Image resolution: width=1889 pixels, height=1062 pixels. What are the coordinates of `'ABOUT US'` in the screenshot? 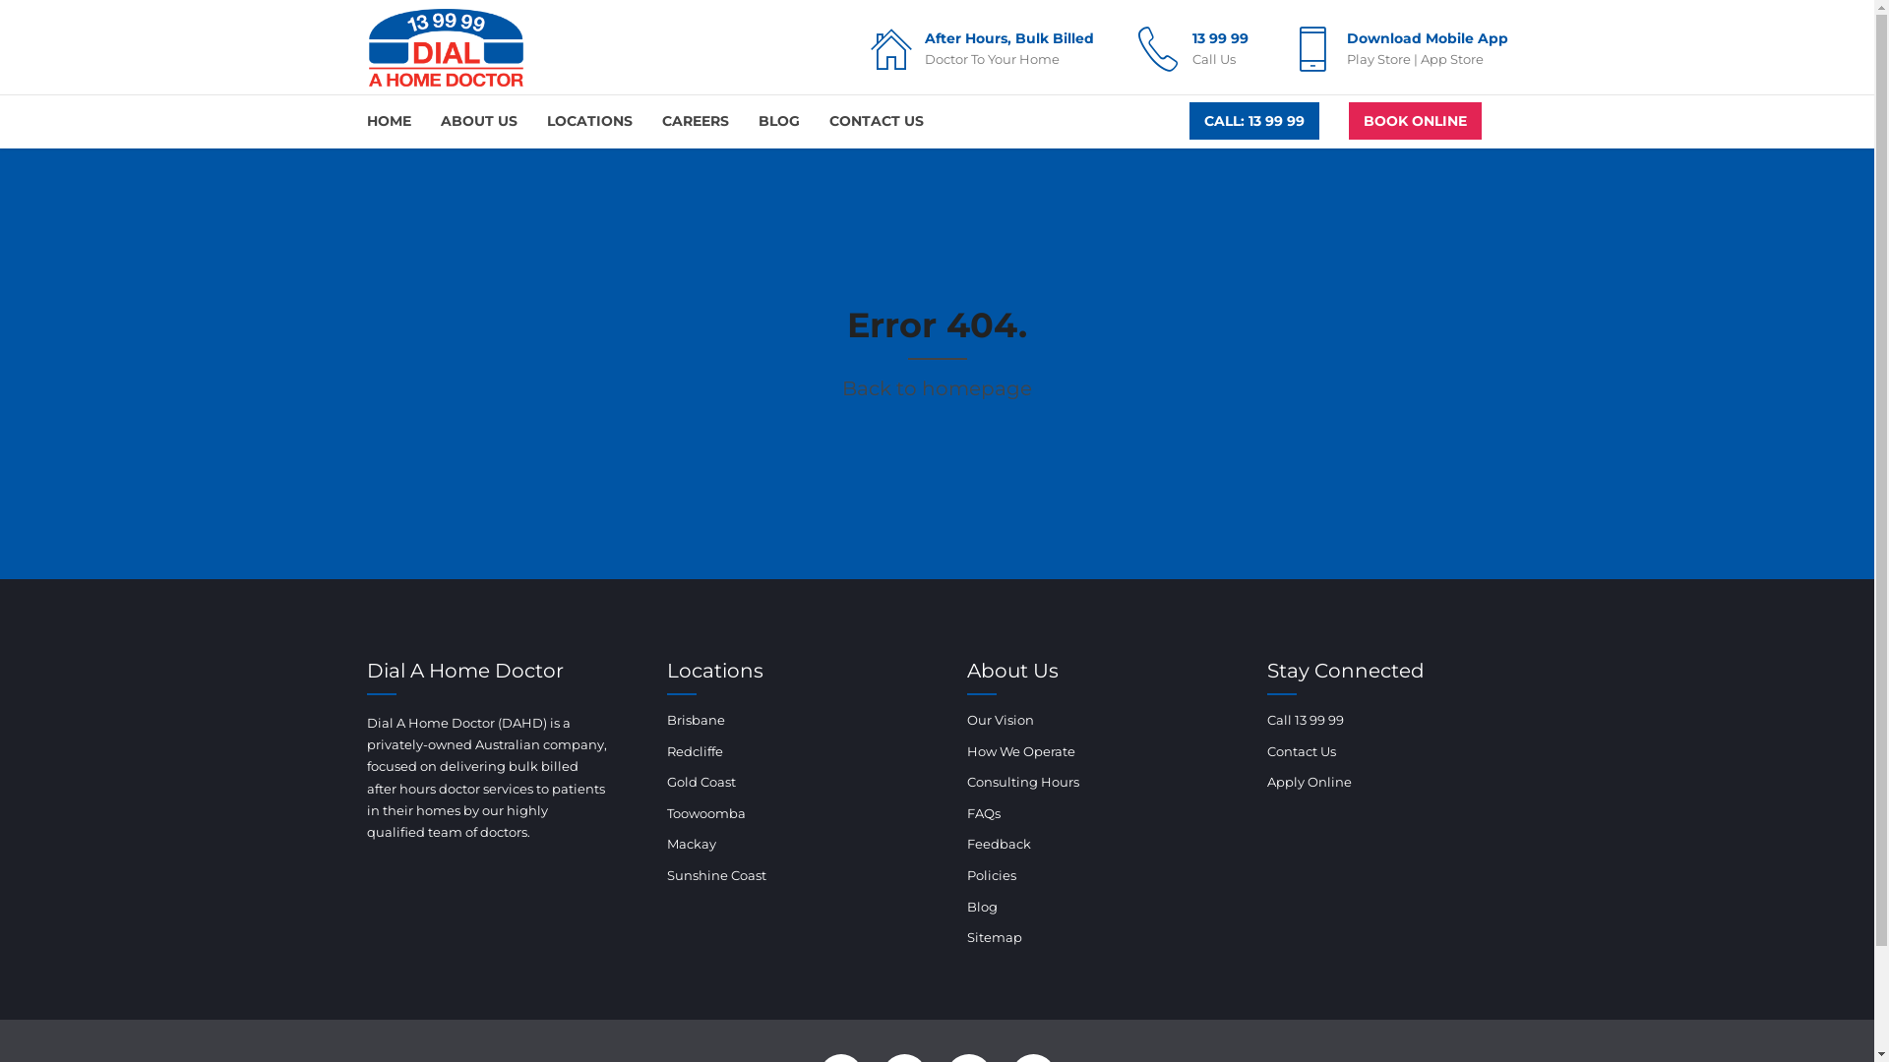 It's located at (478, 121).